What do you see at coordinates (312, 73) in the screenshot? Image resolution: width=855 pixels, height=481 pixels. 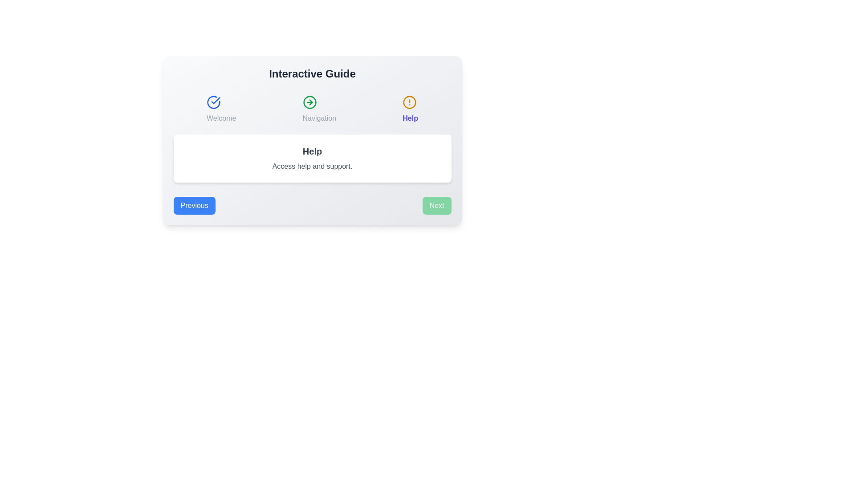 I see `the text header displaying 'Interactive Guide', which is styled with a bold font and centered alignment, located at the top of a rectangular panel` at bounding box center [312, 73].